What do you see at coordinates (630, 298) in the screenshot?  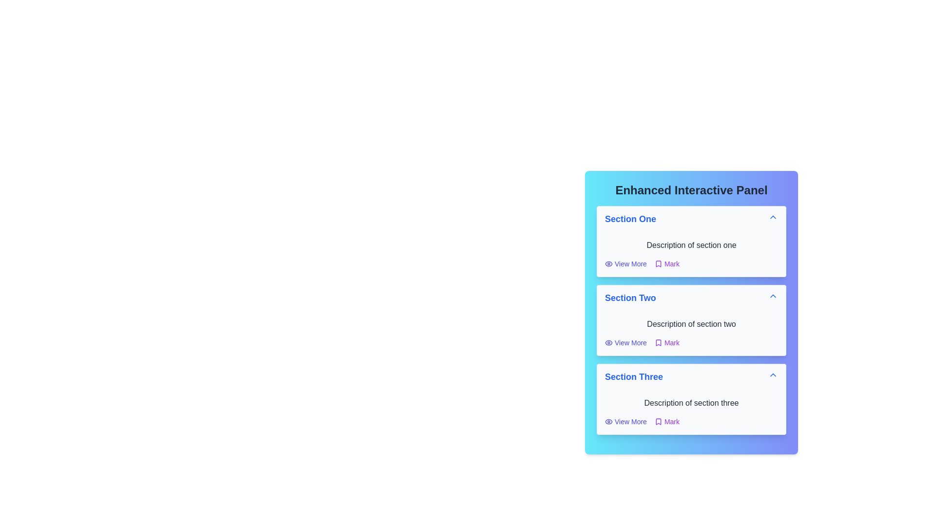 I see `the header text label that identifies the second section of the interactive panel, positioned between 'Section One' and 'Section Three'` at bounding box center [630, 298].